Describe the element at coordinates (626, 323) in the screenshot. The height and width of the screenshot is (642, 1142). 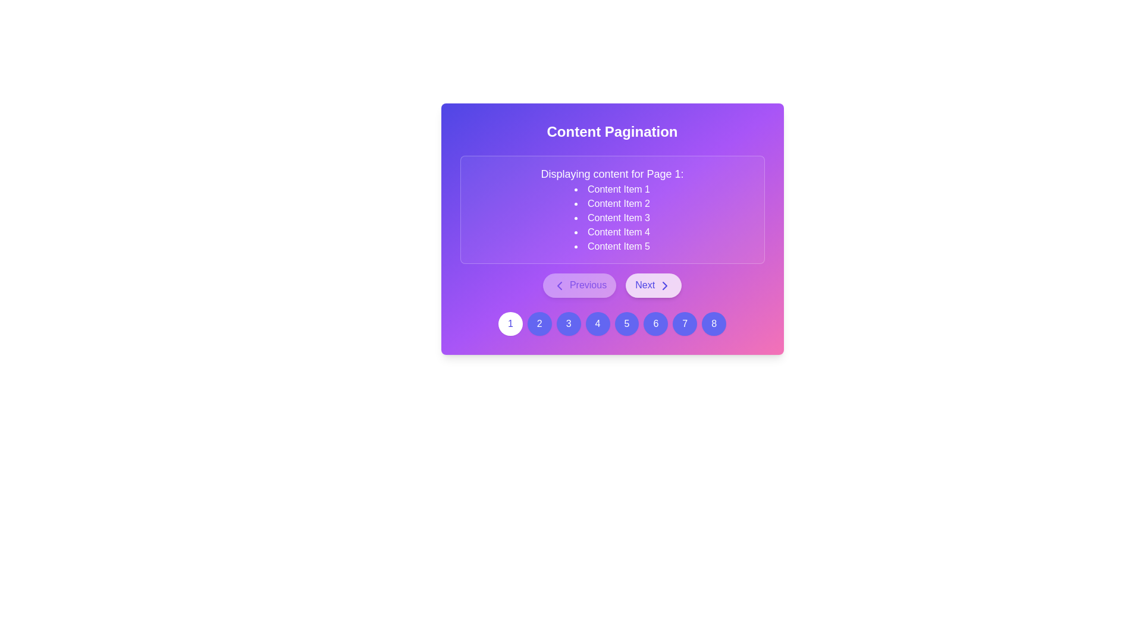
I see `the round blue button labeled '5' to observe its interactive effects` at that location.